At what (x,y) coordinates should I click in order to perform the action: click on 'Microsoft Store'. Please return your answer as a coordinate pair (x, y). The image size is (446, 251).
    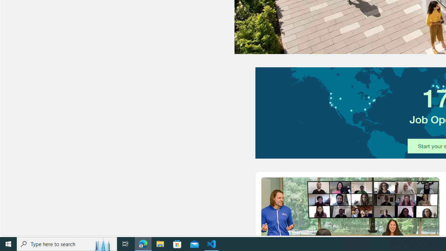
    Looking at the image, I should click on (177, 243).